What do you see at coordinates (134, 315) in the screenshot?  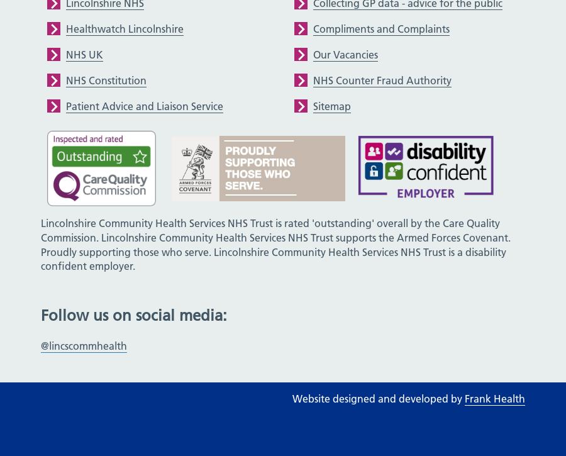 I see `'Follow us on social media:'` at bounding box center [134, 315].